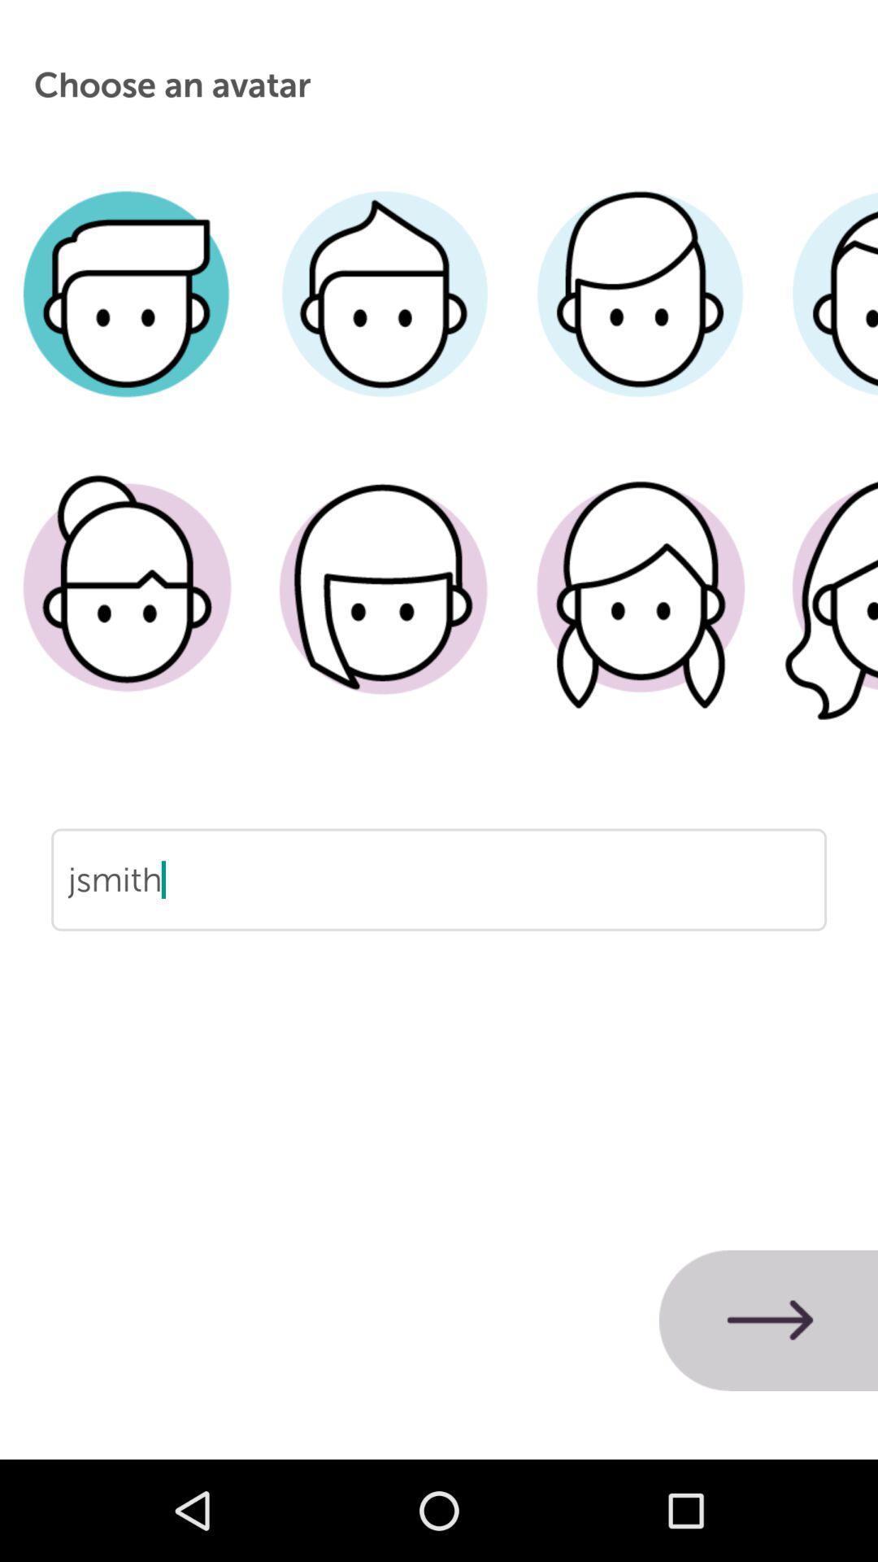 This screenshot has width=878, height=1562. I want to click on pick avatar, so click(384, 612).